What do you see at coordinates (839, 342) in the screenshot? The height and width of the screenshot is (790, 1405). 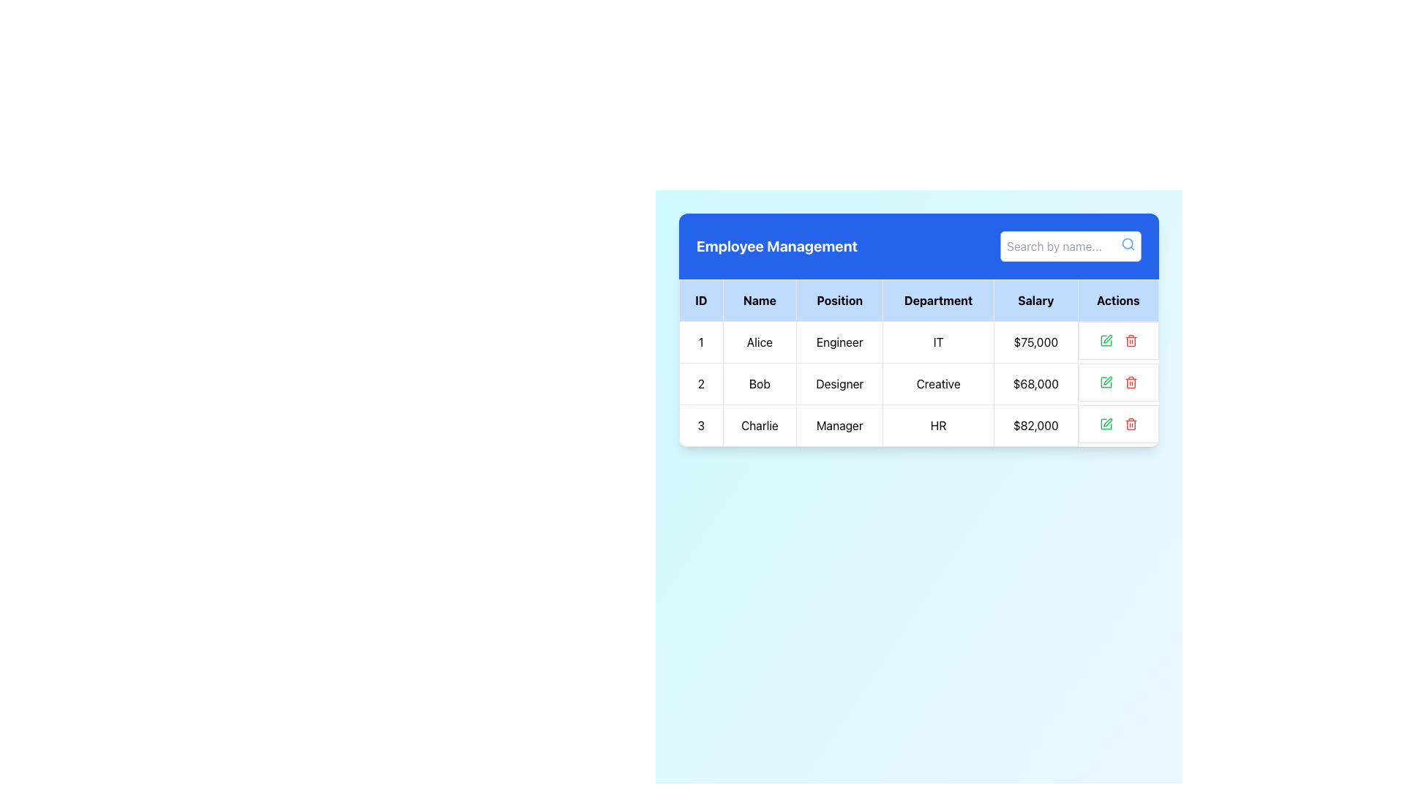 I see `the table cell displaying the job title 'Engineer' for the individual 'Alice', located under the 'Position' column` at bounding box center [839, 342].